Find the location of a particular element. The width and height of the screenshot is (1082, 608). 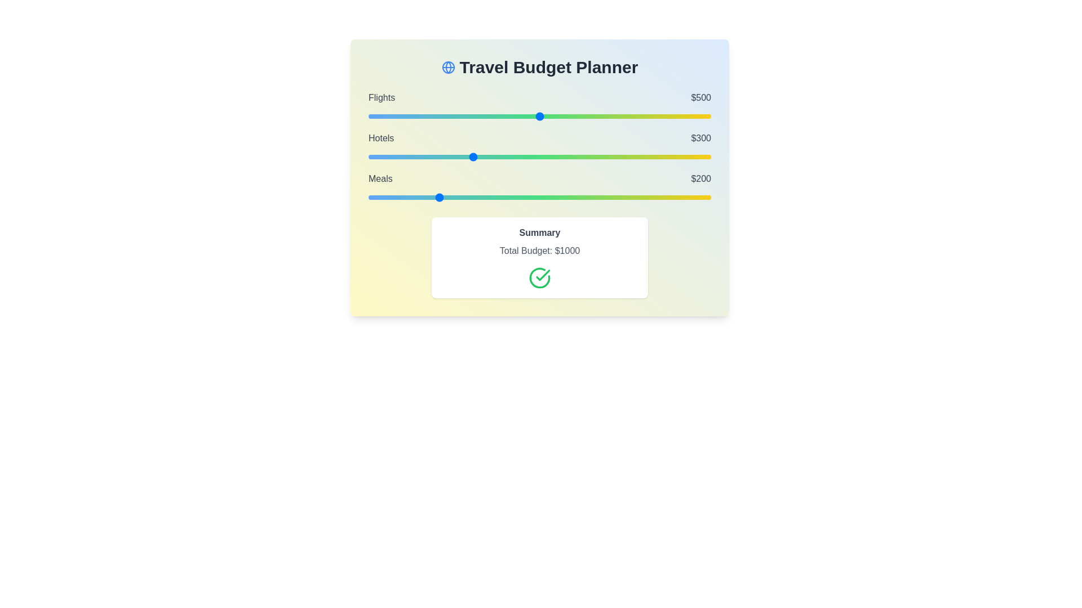

the 'Hotels' slider to 851 is located at coordinates (660, 157).